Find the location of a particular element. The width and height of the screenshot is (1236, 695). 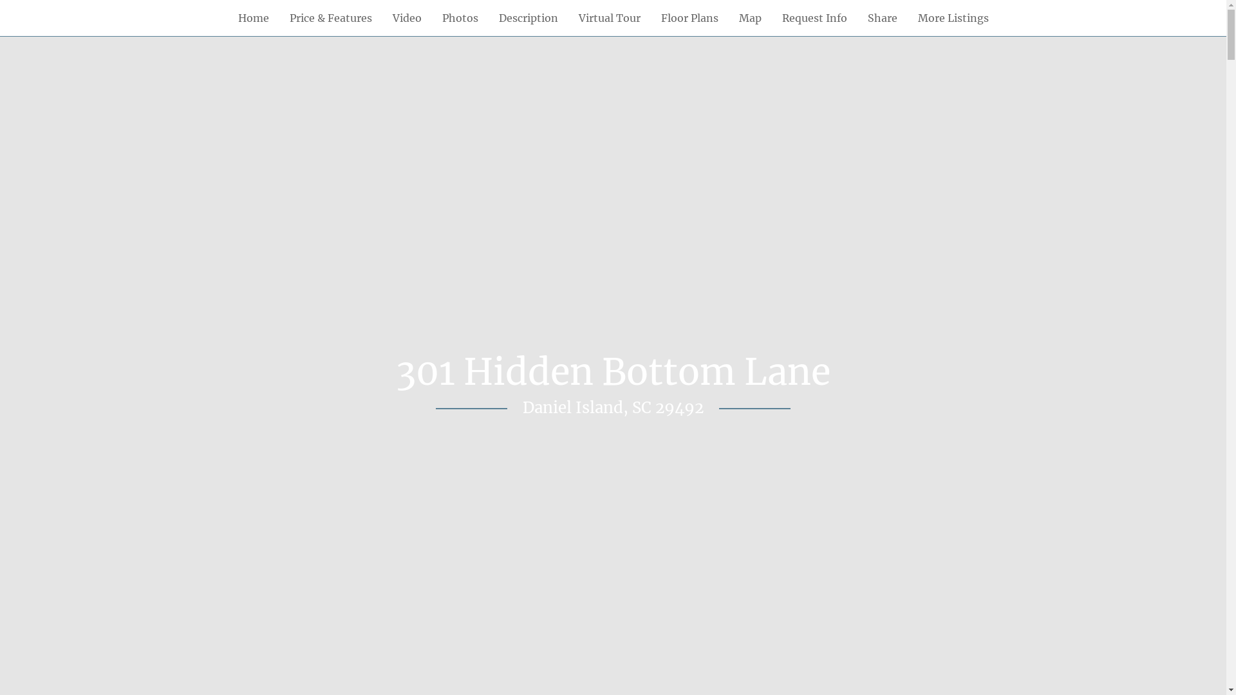

'Map' is located at coordinates (750, 17).